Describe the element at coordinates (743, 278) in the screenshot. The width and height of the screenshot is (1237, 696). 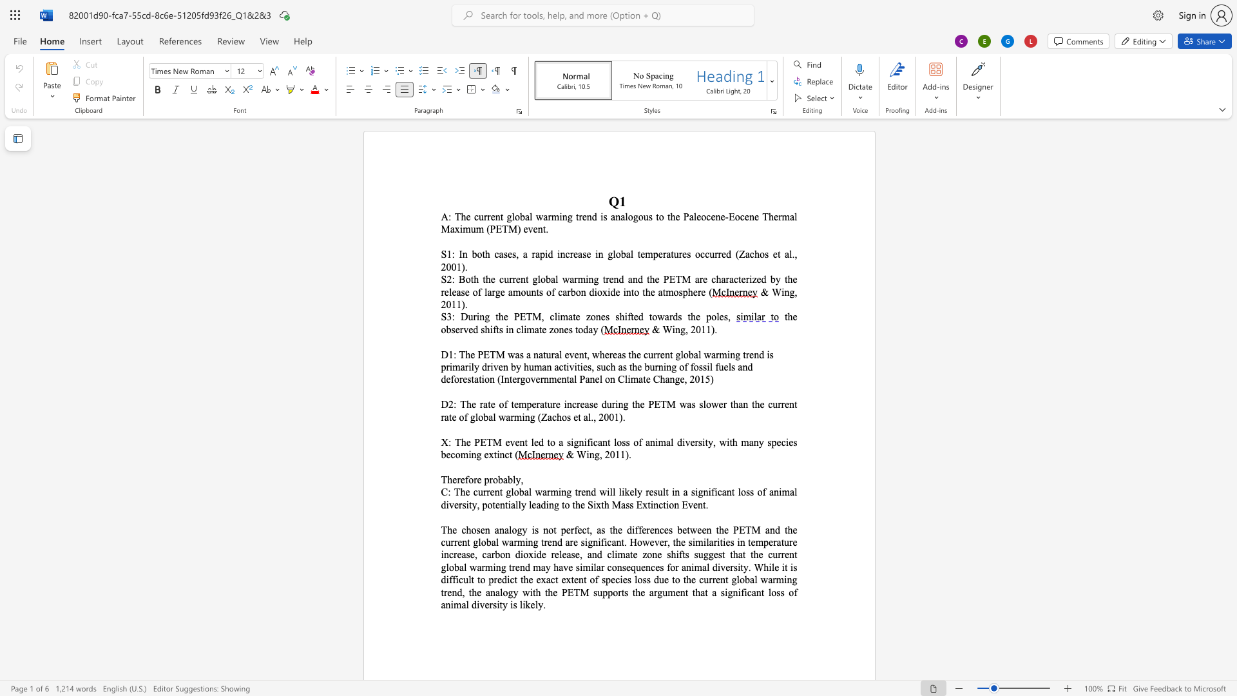
I see `the 2th character "e" in the text` at that location.